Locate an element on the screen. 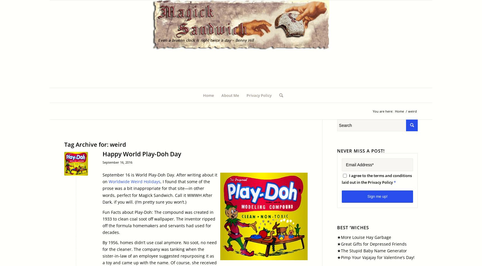 Image resolution: width=482 pixels, height=266 pixels. 'weird' is located at coordinates (110, 144).